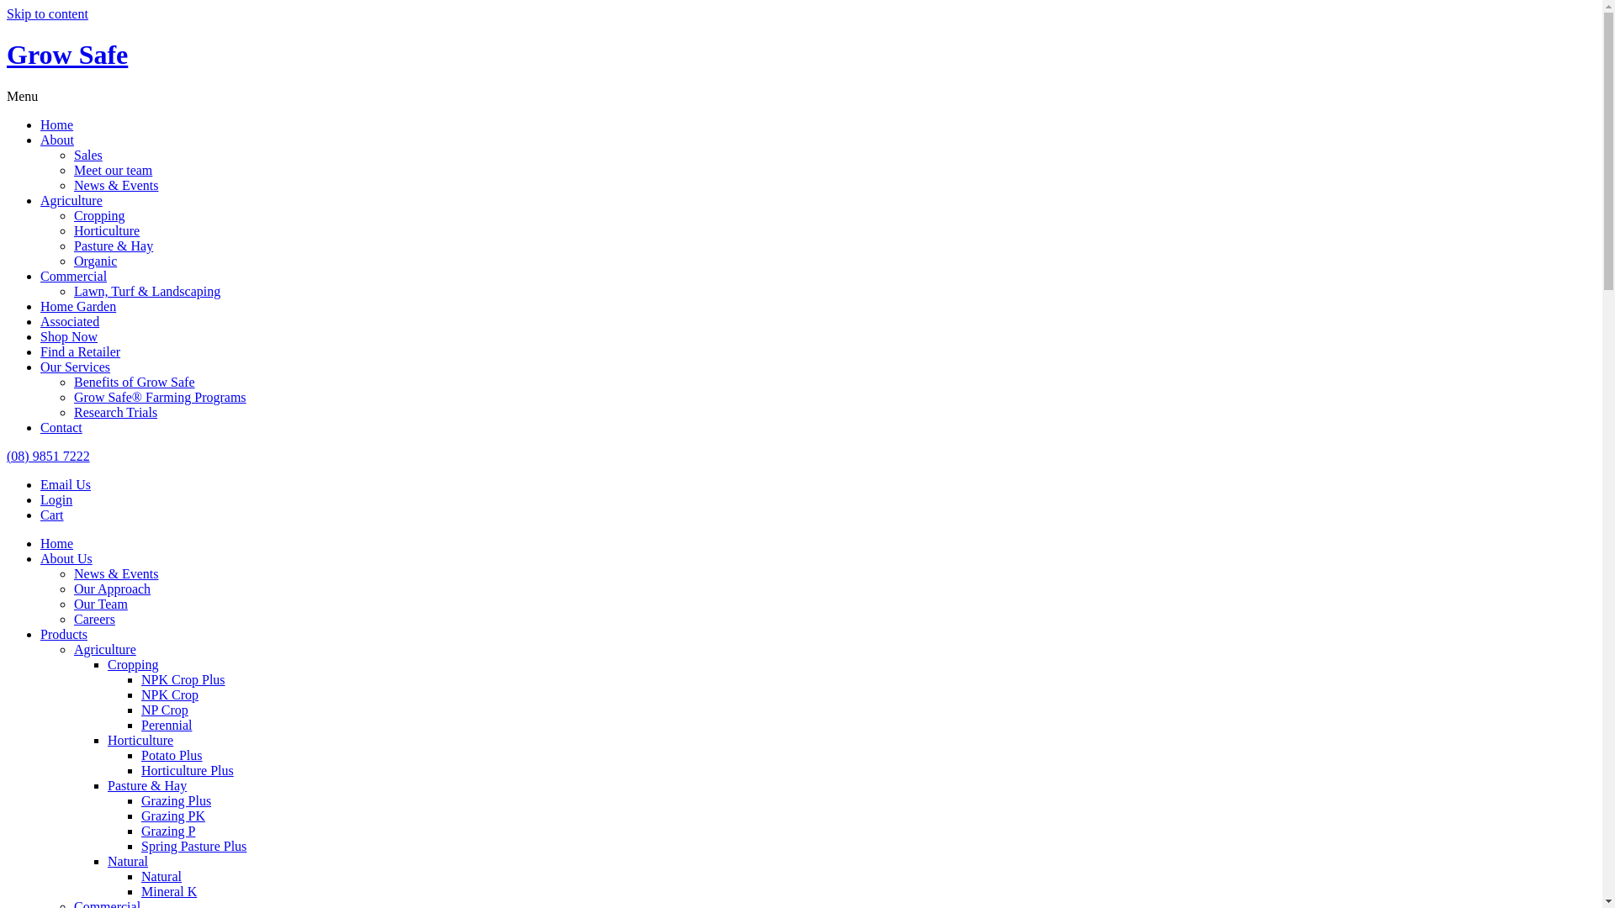  Describe the element at coordinates (56, 139) in the screenshot. I see `'About'` at that location.